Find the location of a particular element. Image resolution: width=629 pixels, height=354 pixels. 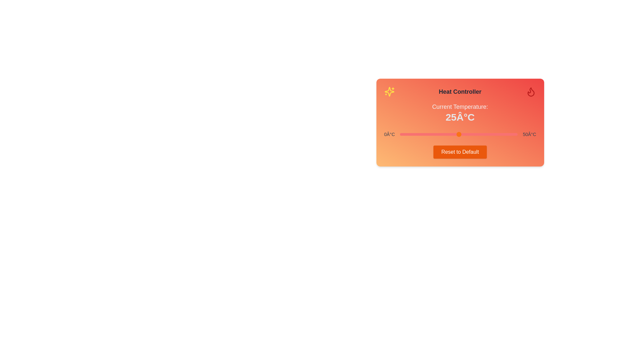

the Sparkles icon to interact with it is located at coordinates (389, 92).